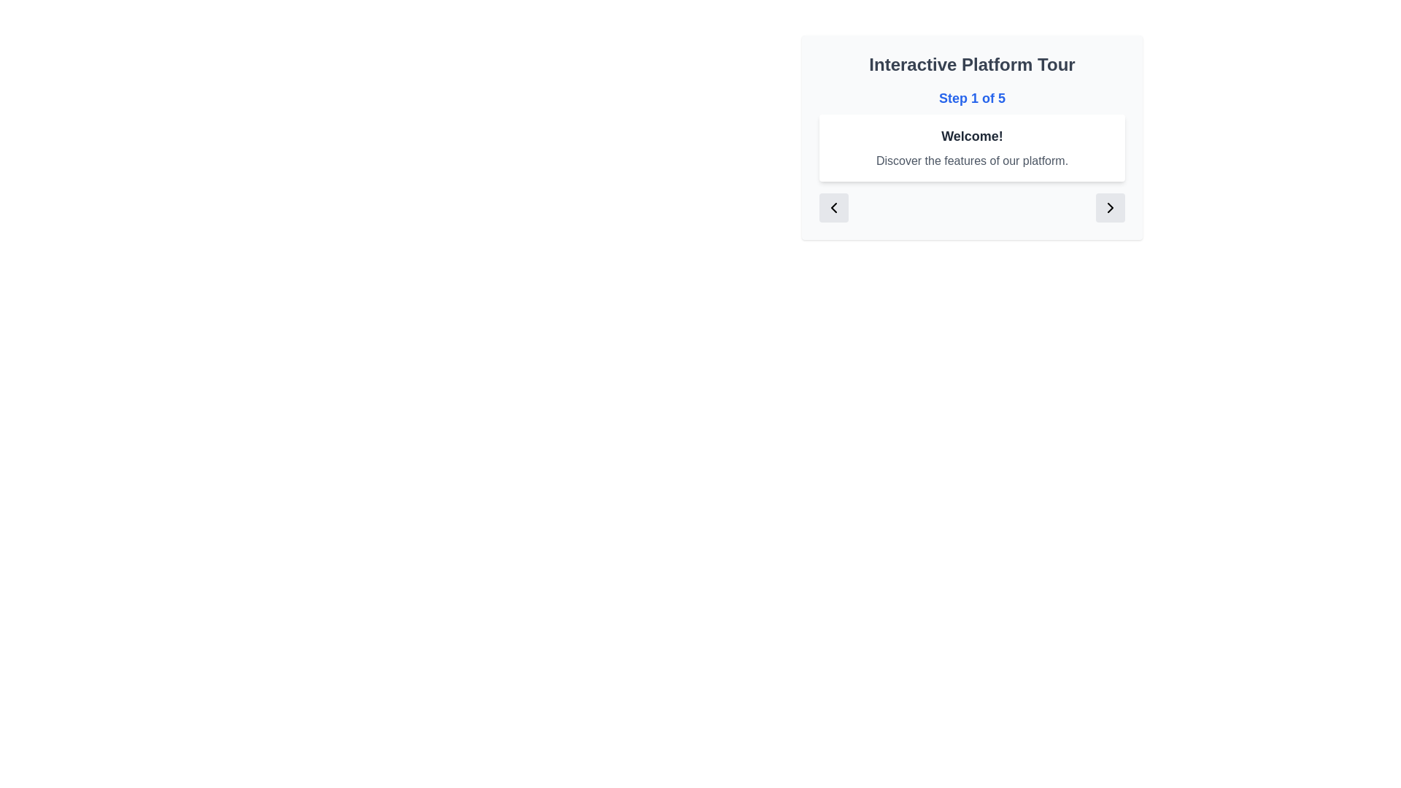 This screenshot has width=1401, height=788. What do you see at coordinates (972, 161) in the screenshot?
I see `text element that displays 'Discover the features of our platform.' positioned below the 'Welcome!' header` at bounding box center [972, 161].